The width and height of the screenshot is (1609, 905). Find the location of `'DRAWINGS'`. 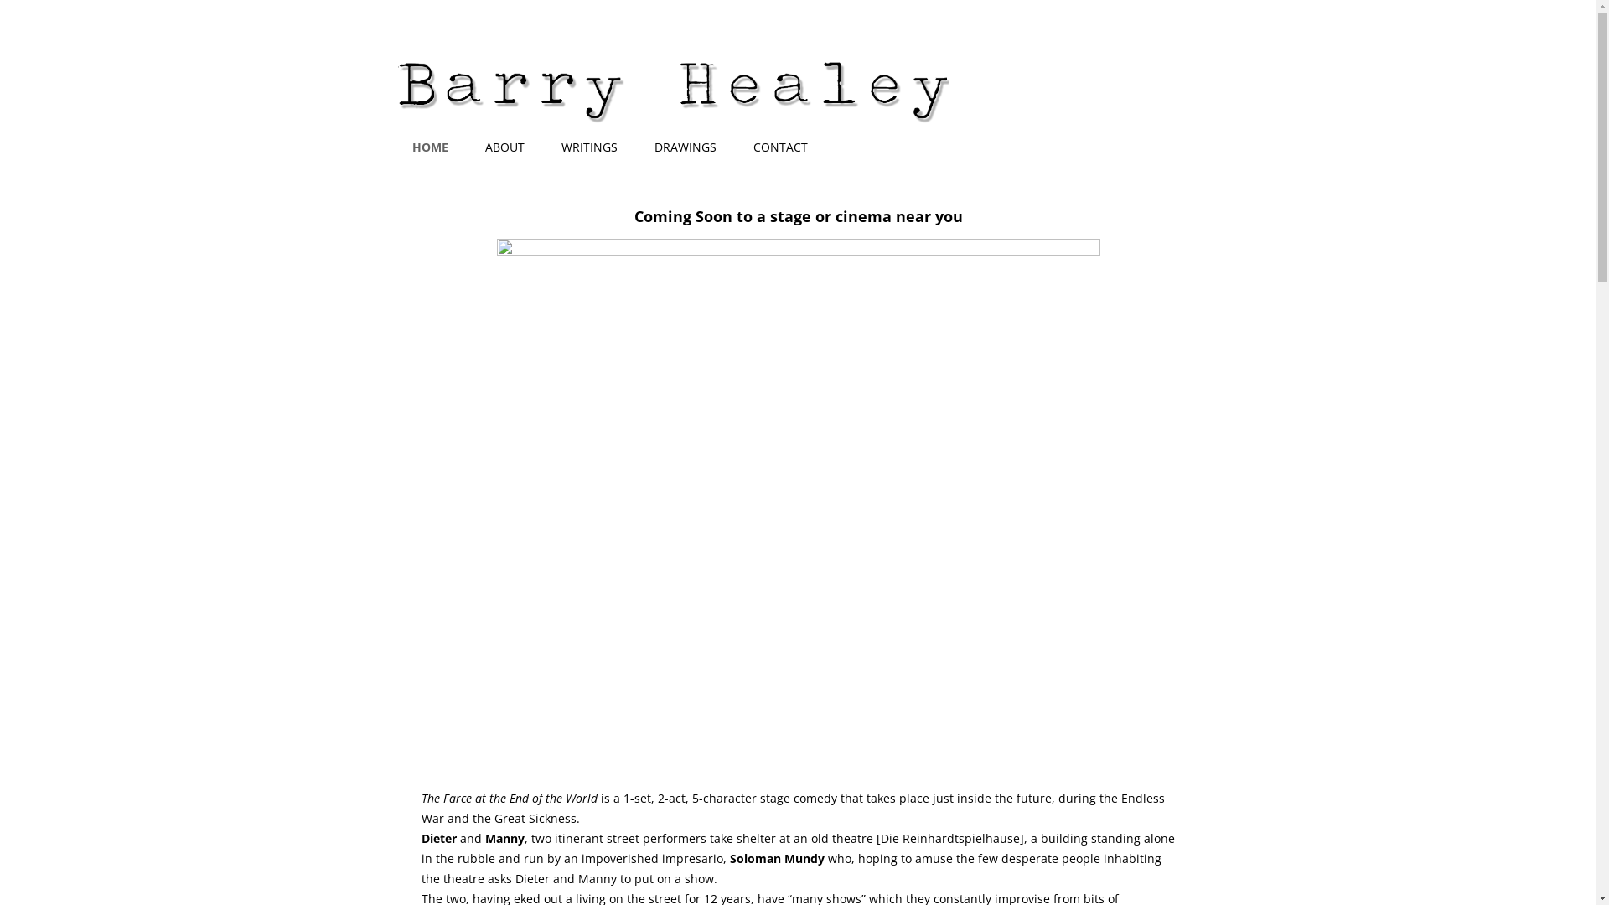

'DRAWINGS' is located at coordinates (685, 147).